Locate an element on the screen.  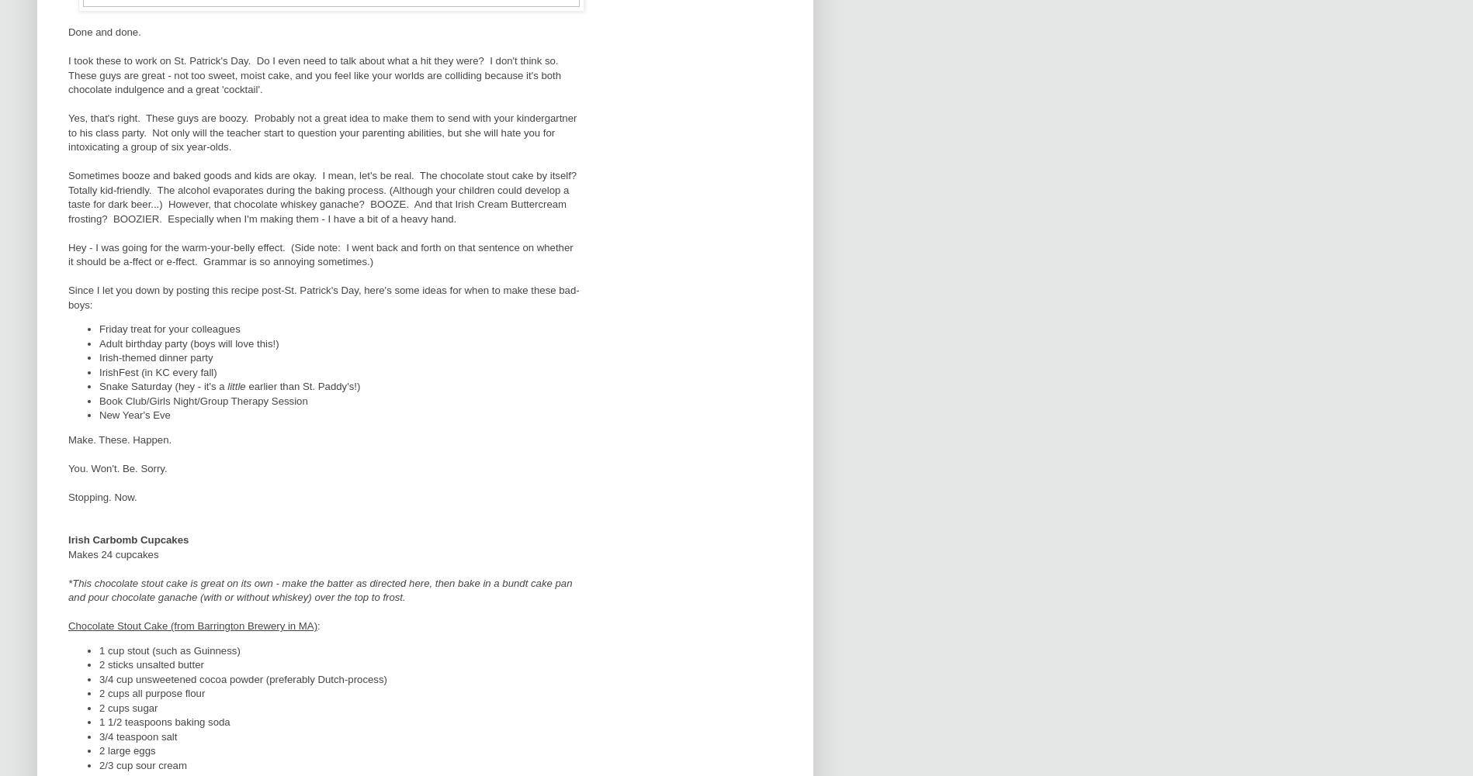
'3/4 cup unsweetened cocoa powder (preferably Dutch-process)' is located at coordinates (241, 678).